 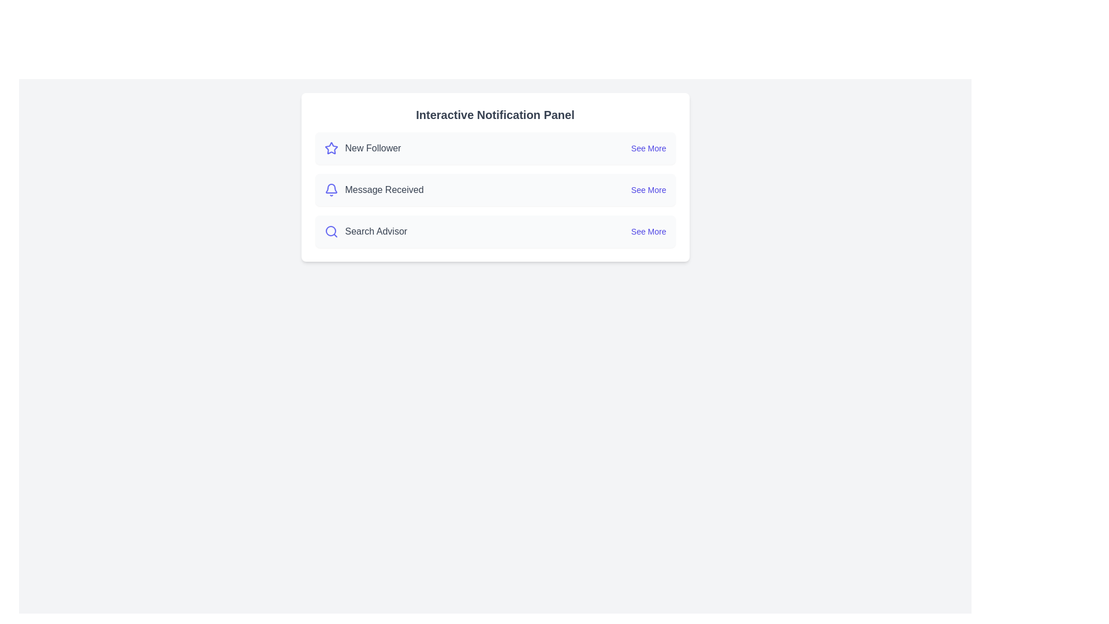 What do you see at coordinates (649, 232) in the screenshot?
I see `the Text link located in the rightmost area of the 'Search Advisor' section to observe the color change` at bounding box center [649, 232].